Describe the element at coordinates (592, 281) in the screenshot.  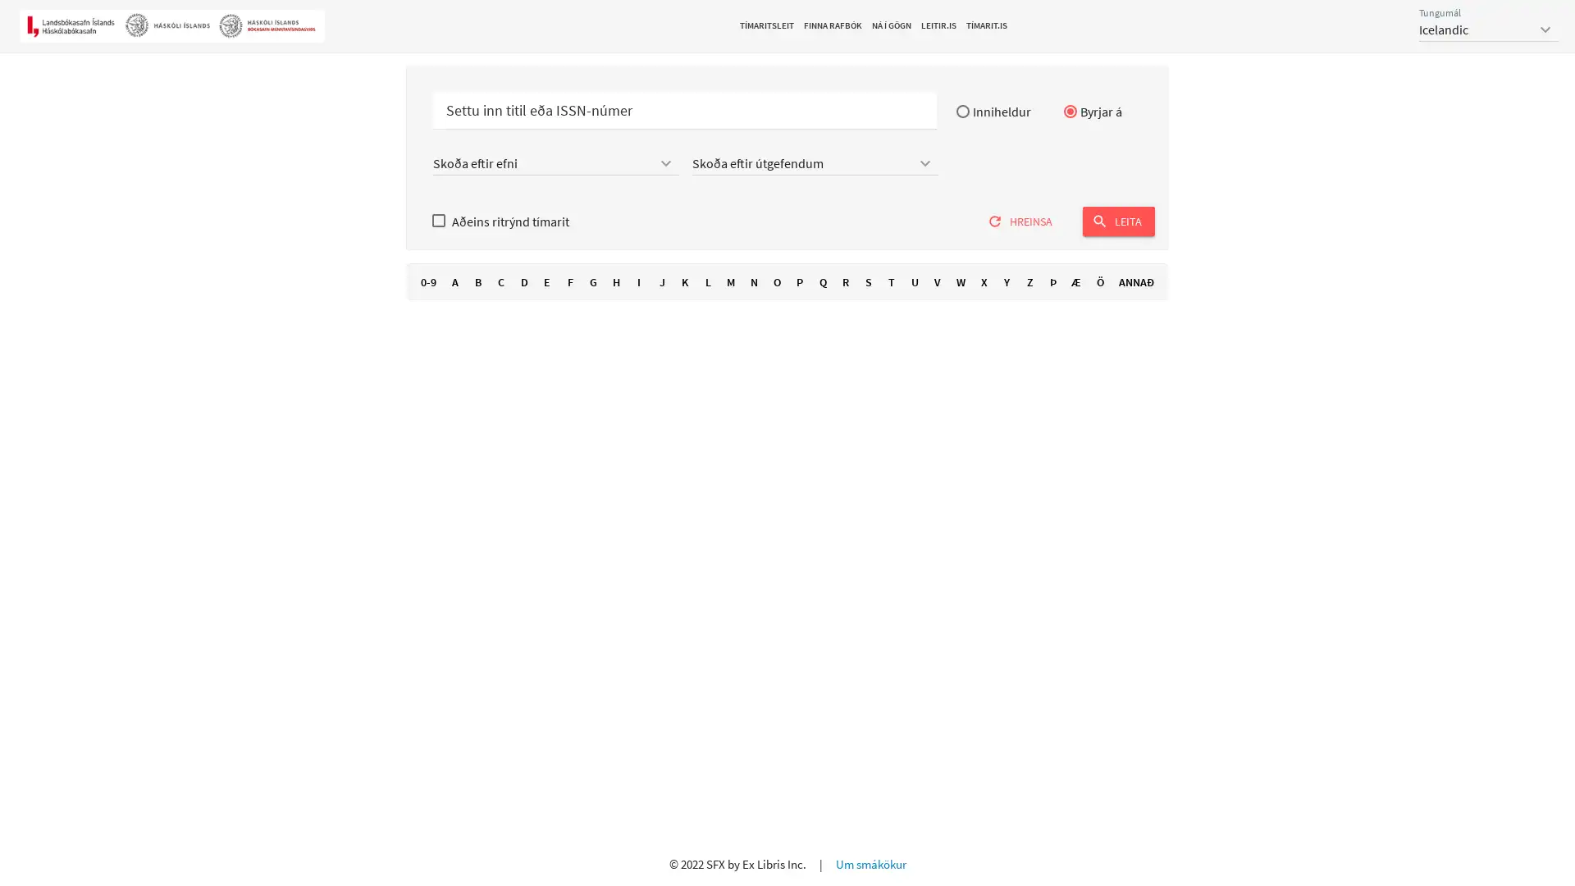
I see `G` at that location.